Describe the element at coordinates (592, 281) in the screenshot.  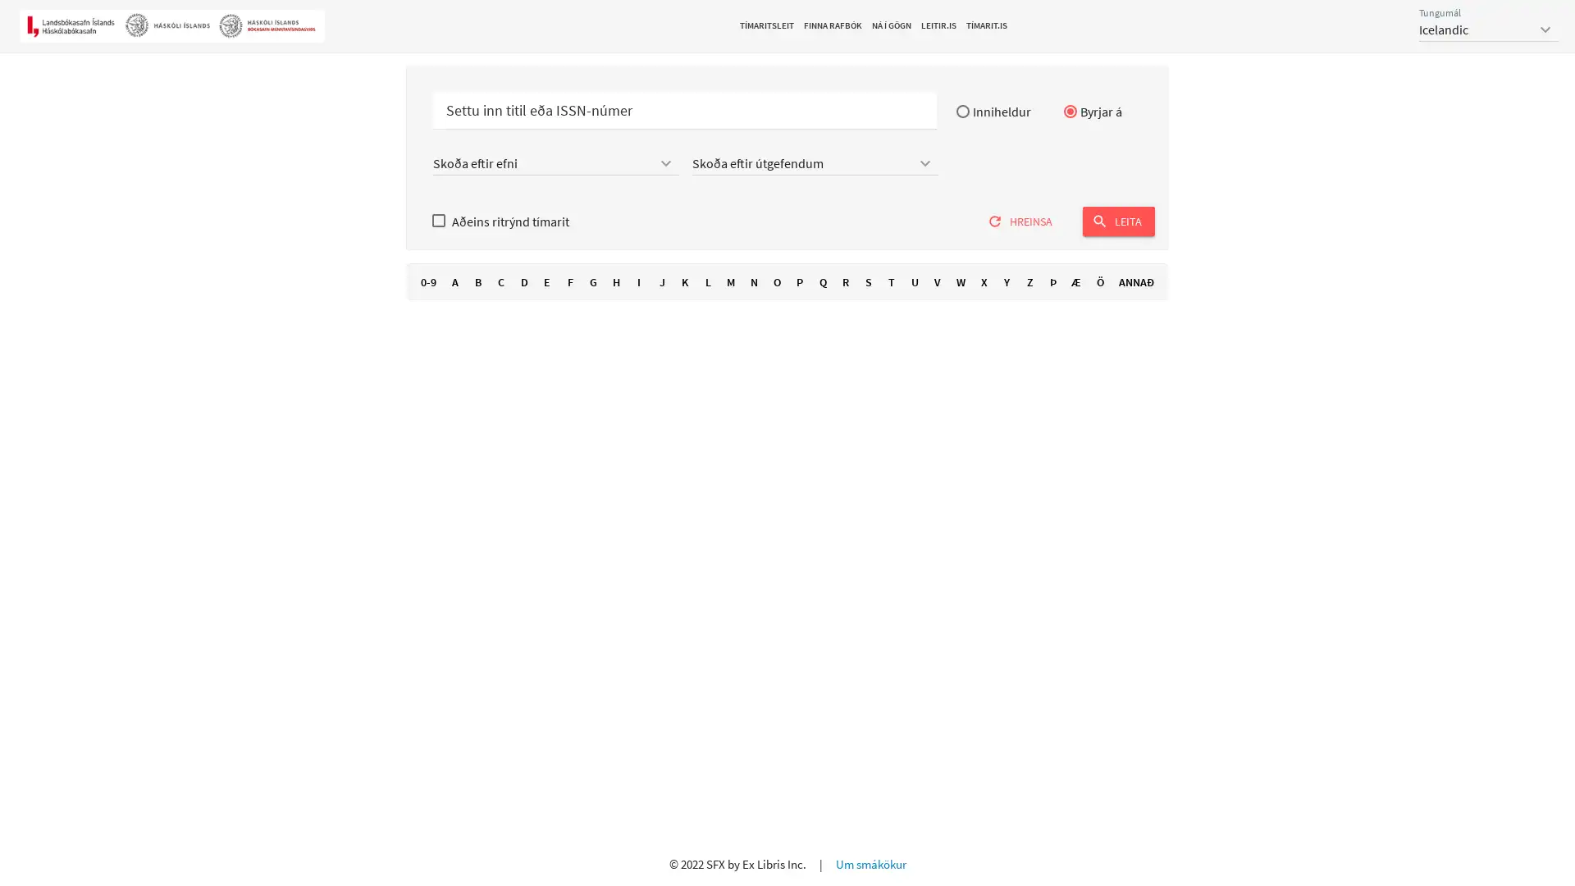
I see `G` at that location.